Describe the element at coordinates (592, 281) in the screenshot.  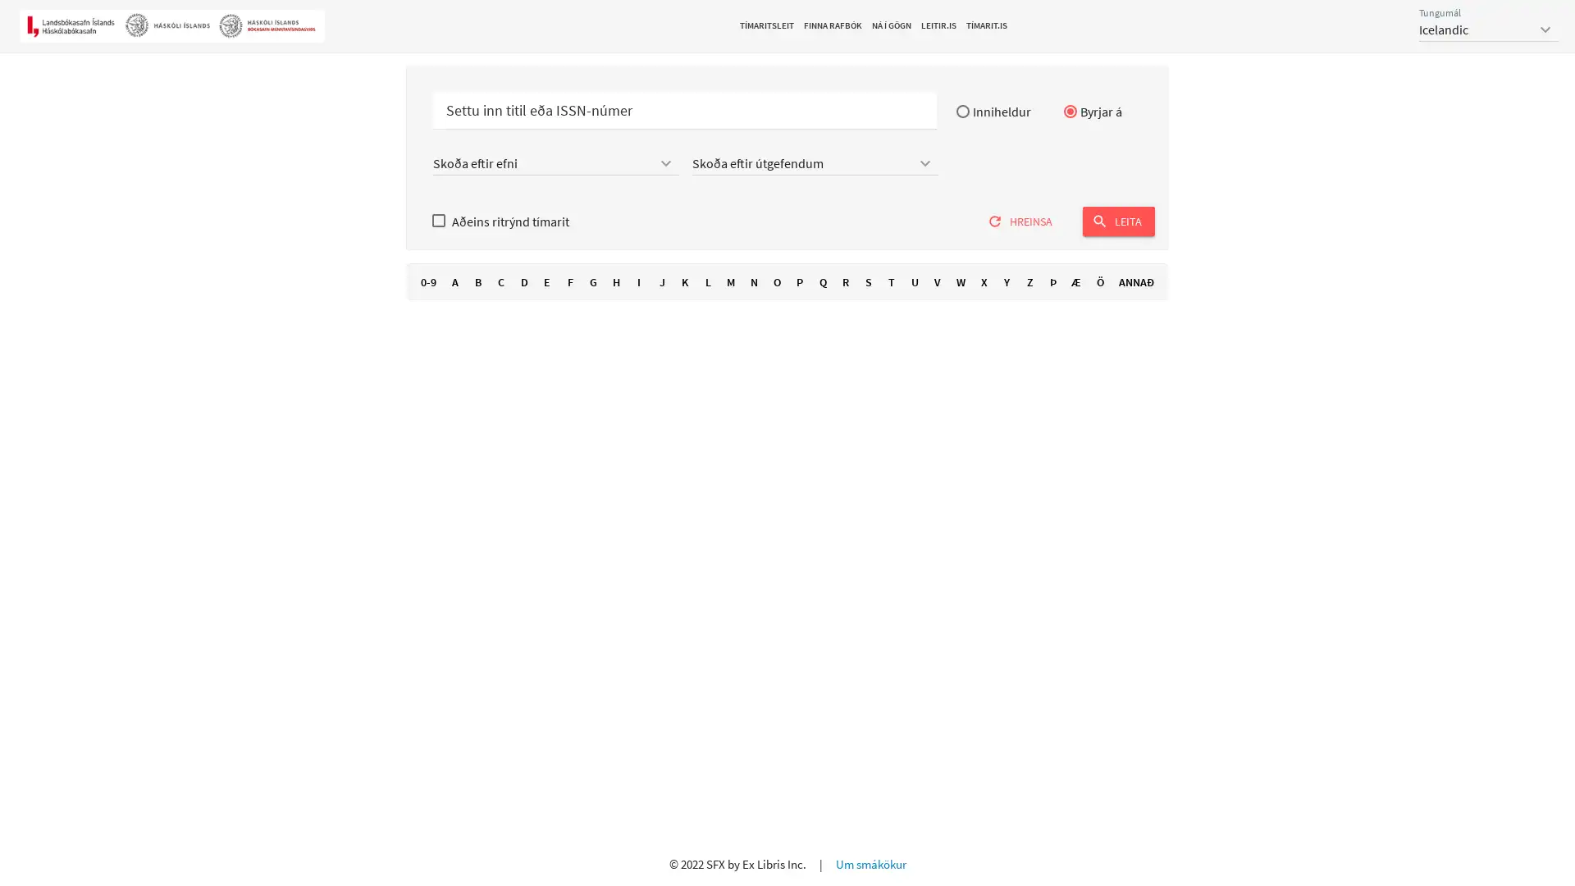
I see `G` at that location.